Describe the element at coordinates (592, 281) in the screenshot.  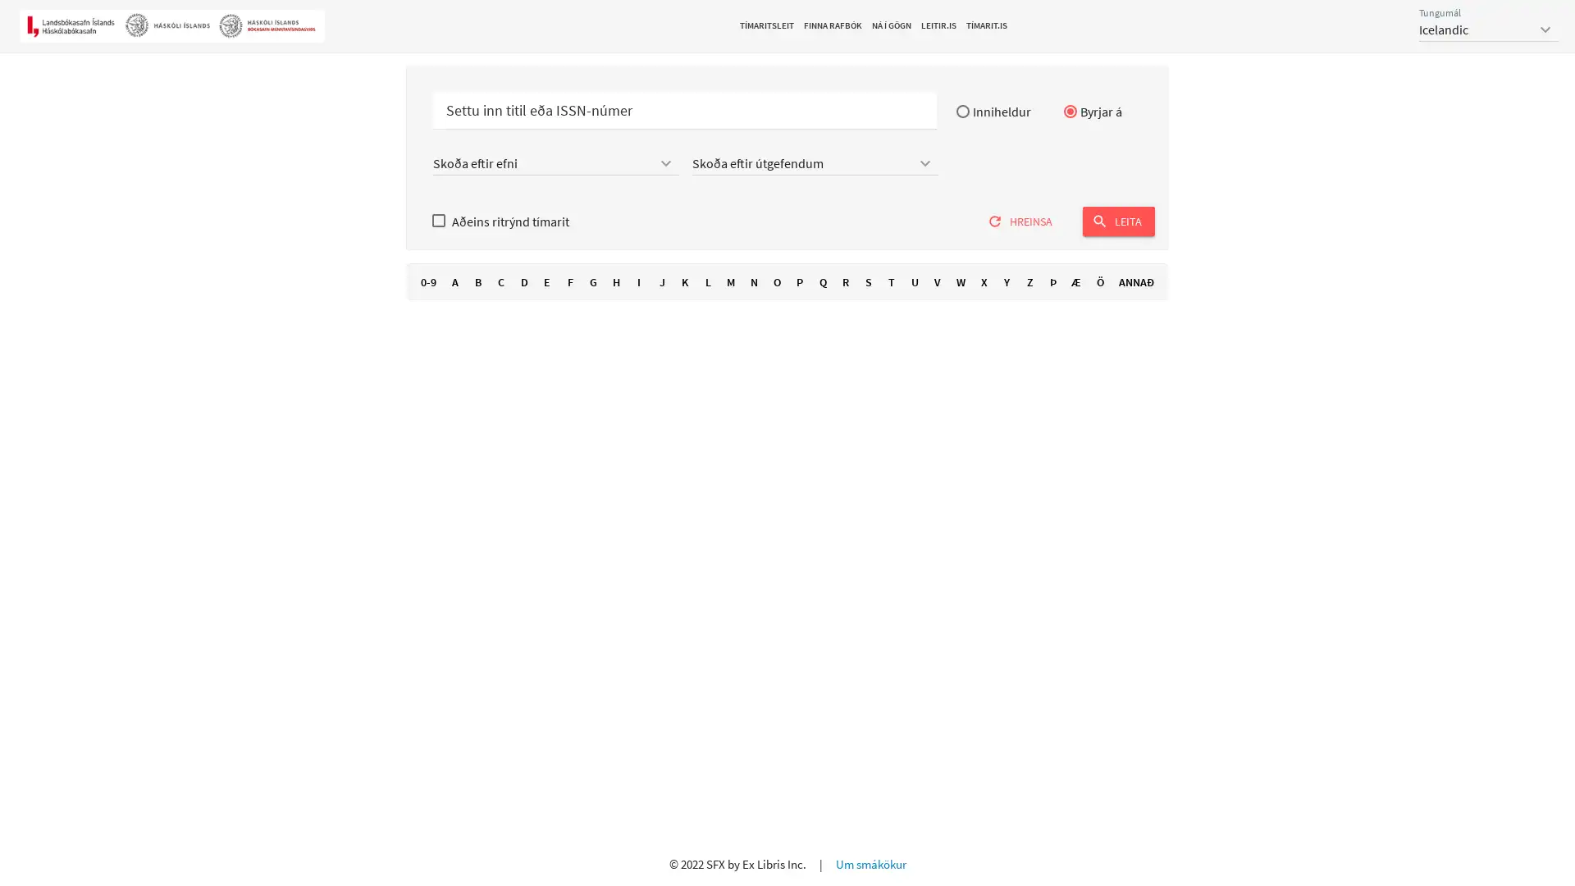
I see `G` at that location.